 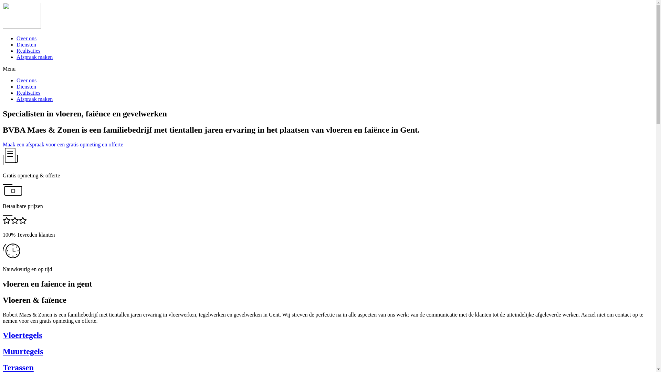 What do you see at coordinates (327, 351) in the screenshot?
I see `'Muurtegels'` at bounding box center [327, 351].